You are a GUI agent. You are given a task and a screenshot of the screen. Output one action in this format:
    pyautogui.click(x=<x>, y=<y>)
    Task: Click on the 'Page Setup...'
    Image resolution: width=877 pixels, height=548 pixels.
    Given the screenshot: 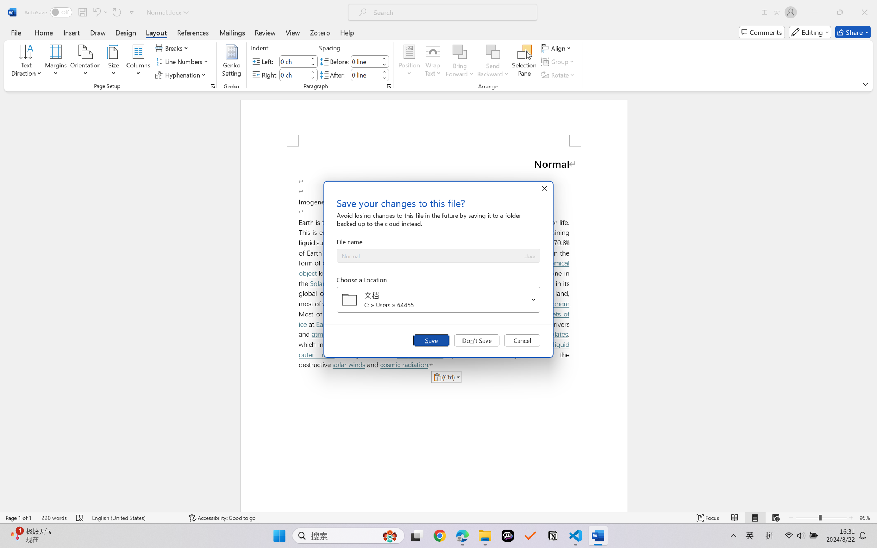 What is the action you would take?
    pyautogui.click(x=212, y=86)
    